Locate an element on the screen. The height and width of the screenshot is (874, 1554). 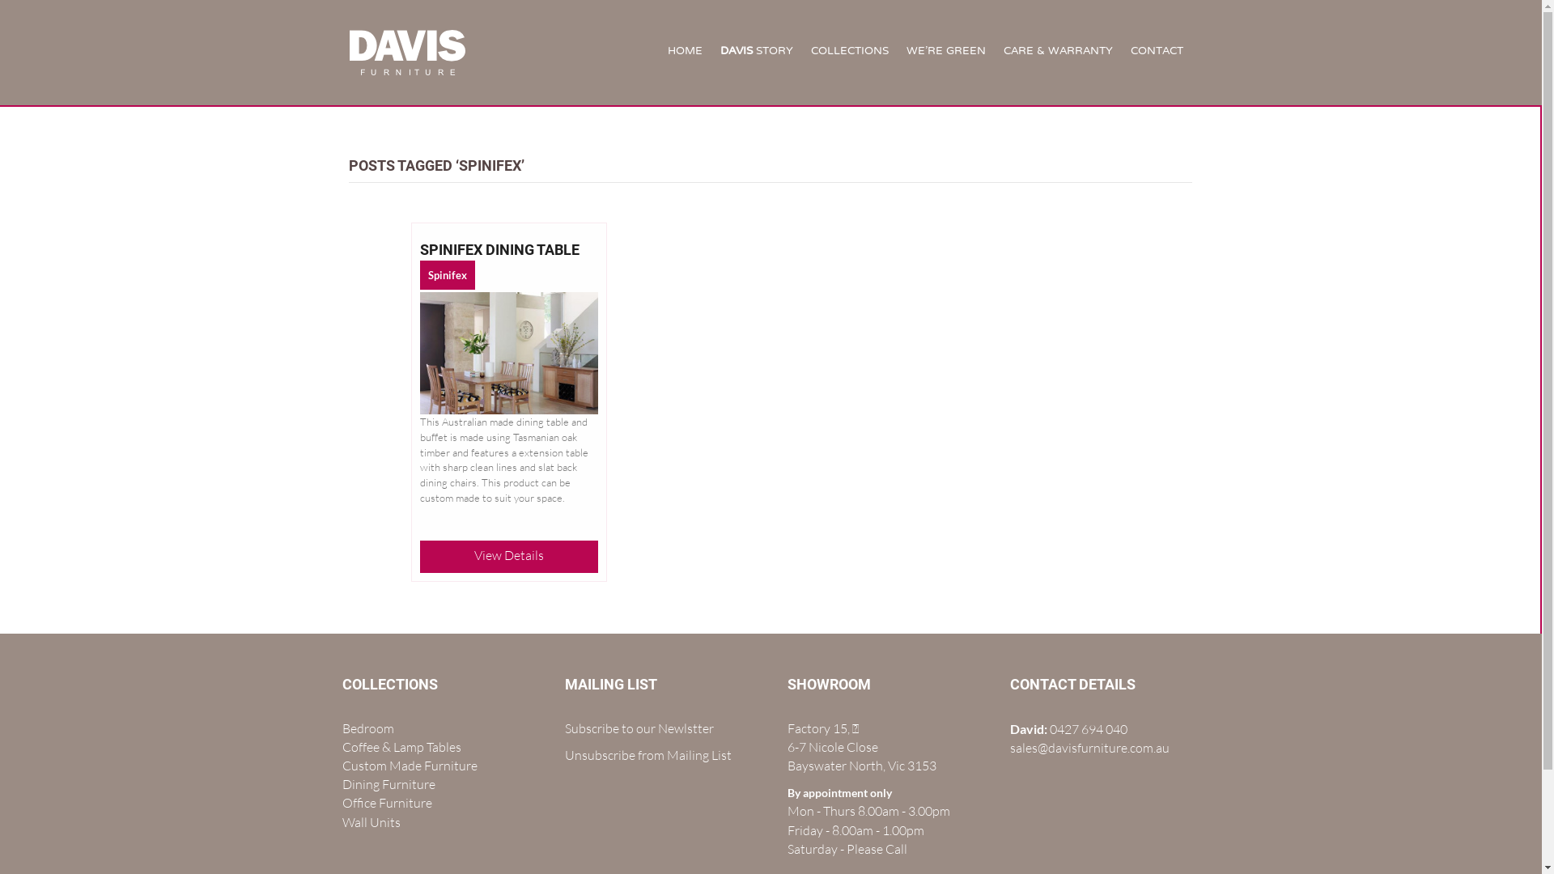
'sales@davisfurniture.com.au' is located at coordinates (1089, 748).